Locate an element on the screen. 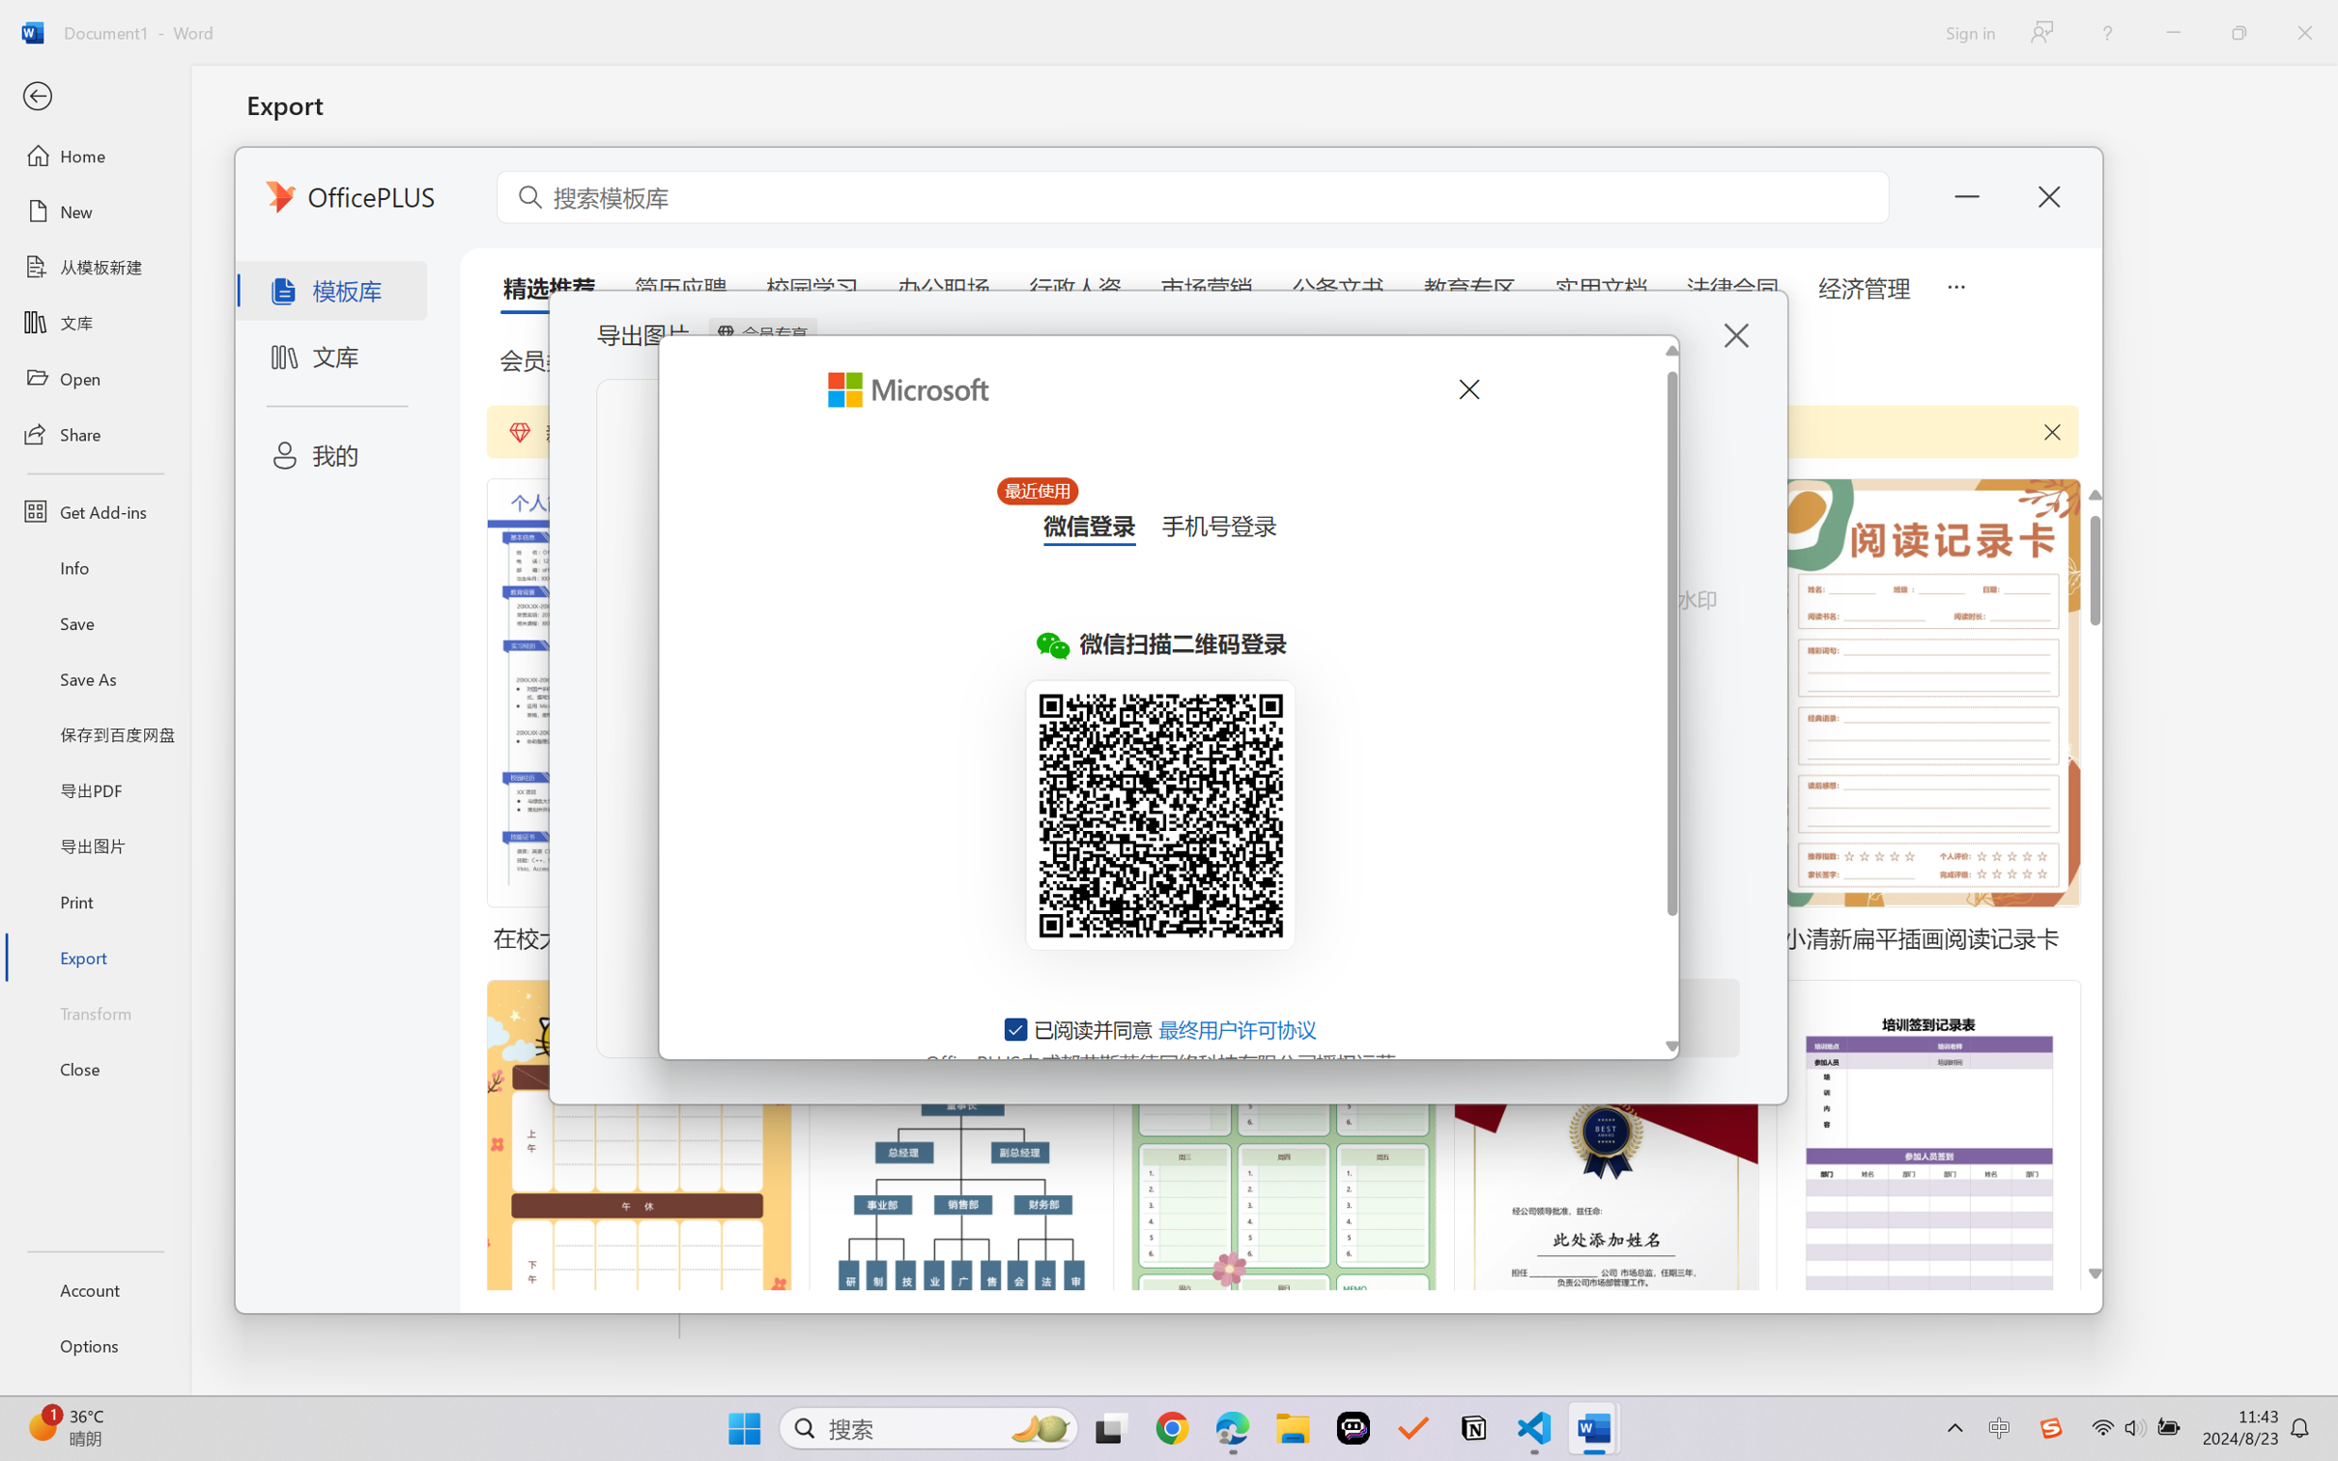 The width and height of the screenshot is (2338, 1461). 'AutomationID: checkbox-14' is located at coordinates (1016, 1028).